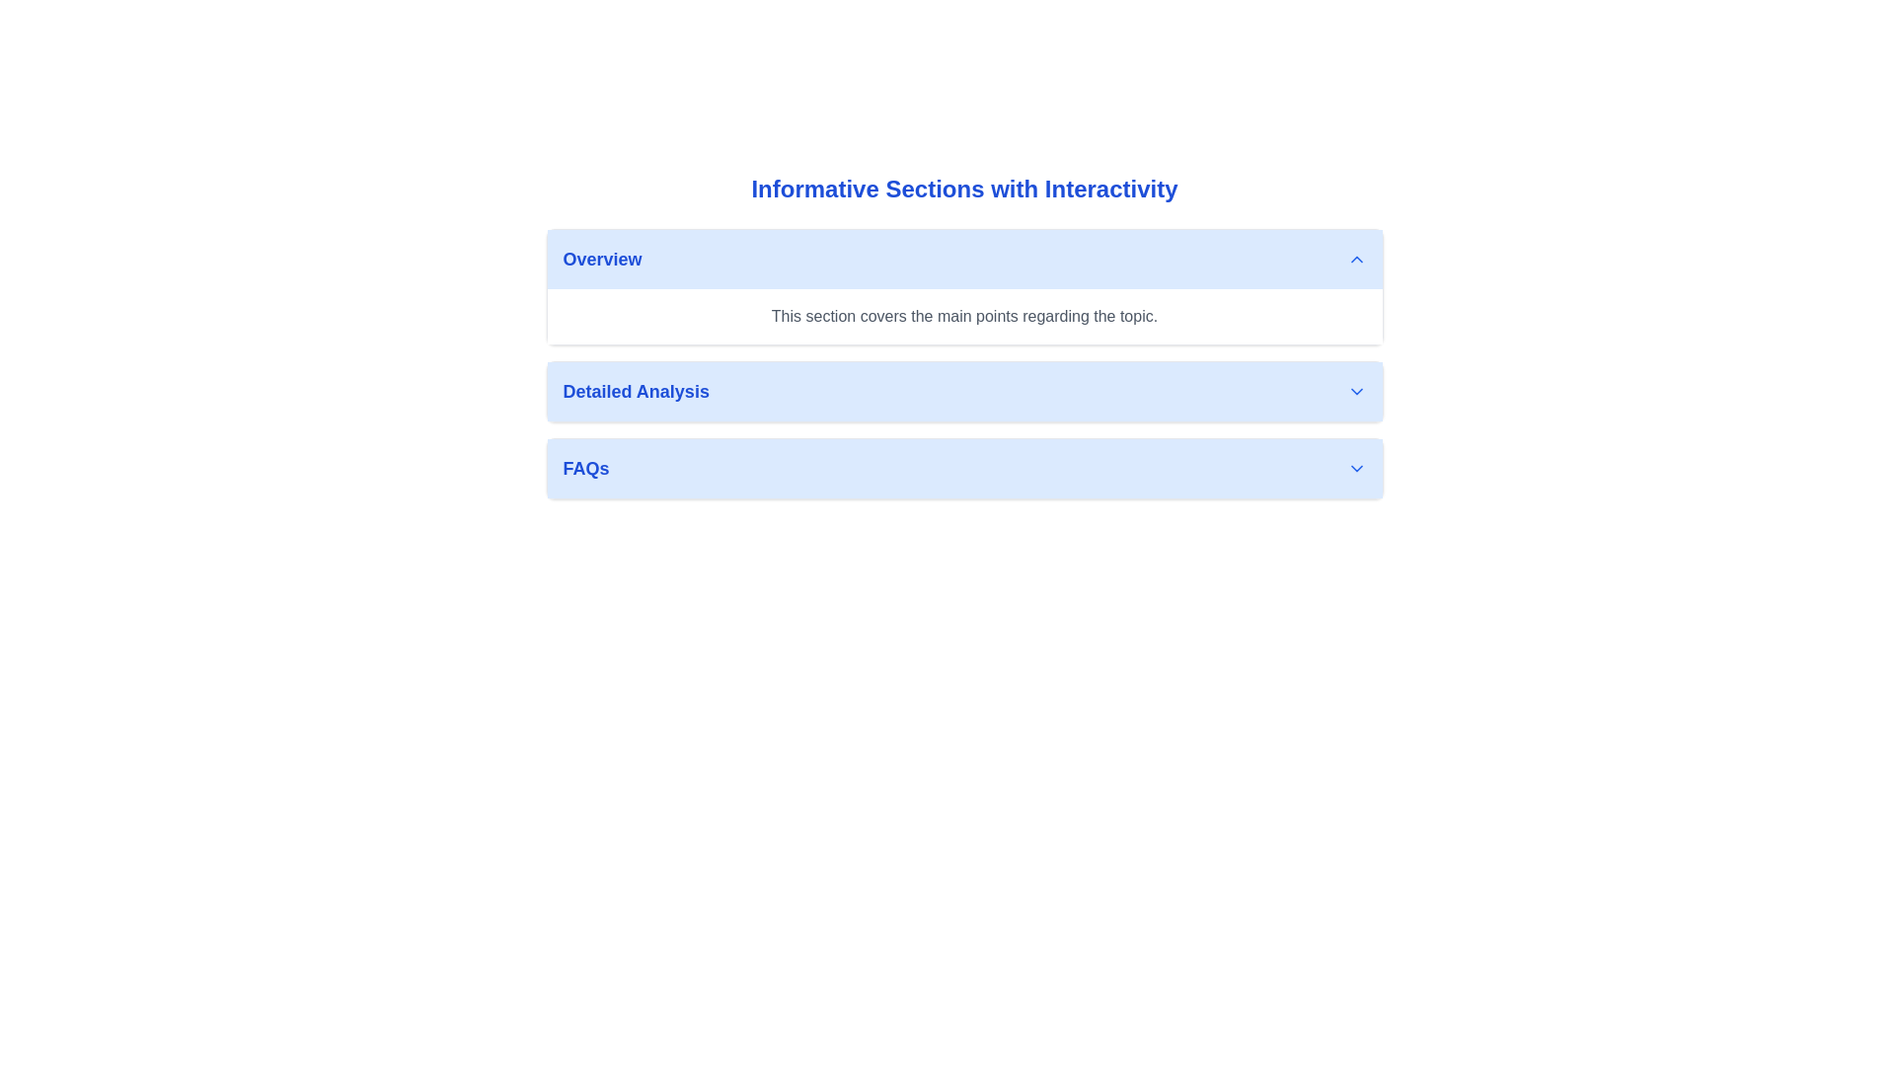  I want to click on the downward-pointing blue chevron icon located on the right-hand side of the 'Detailed Analysis' section header, so click(1355, 392).